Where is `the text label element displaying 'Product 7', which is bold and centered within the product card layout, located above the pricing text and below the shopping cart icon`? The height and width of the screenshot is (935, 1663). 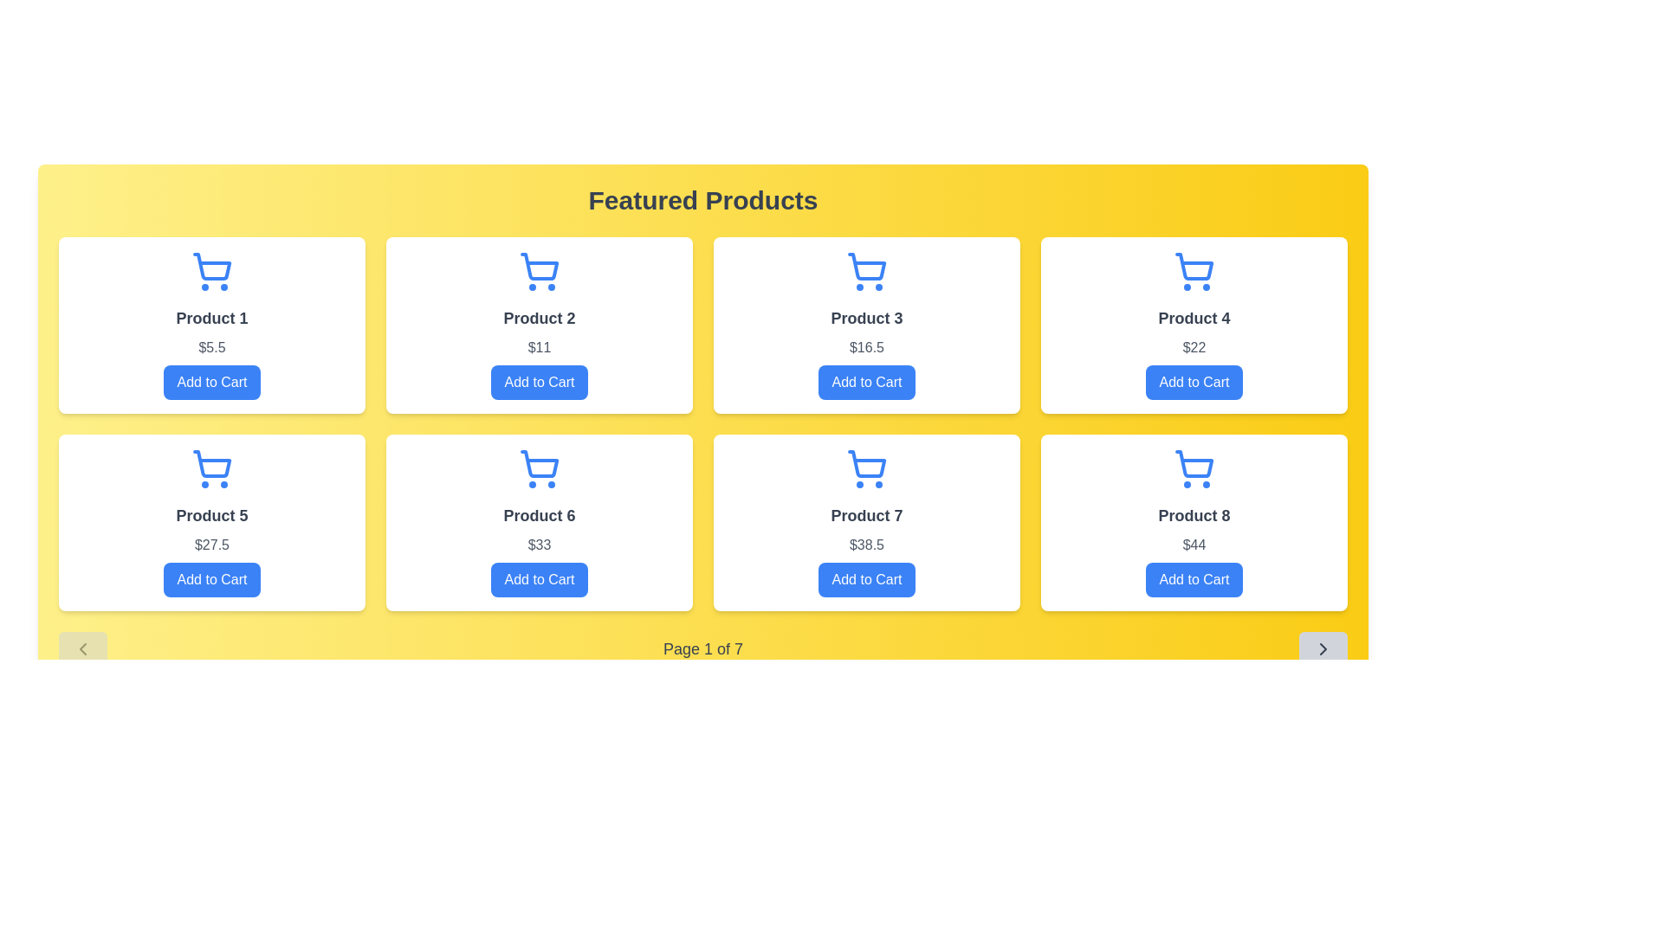 the text label element displaying 'Product 7', which is bold and centered within the product card layout, located above the pricing text and below the shopping cart icon is located at coordinates (867, 515).